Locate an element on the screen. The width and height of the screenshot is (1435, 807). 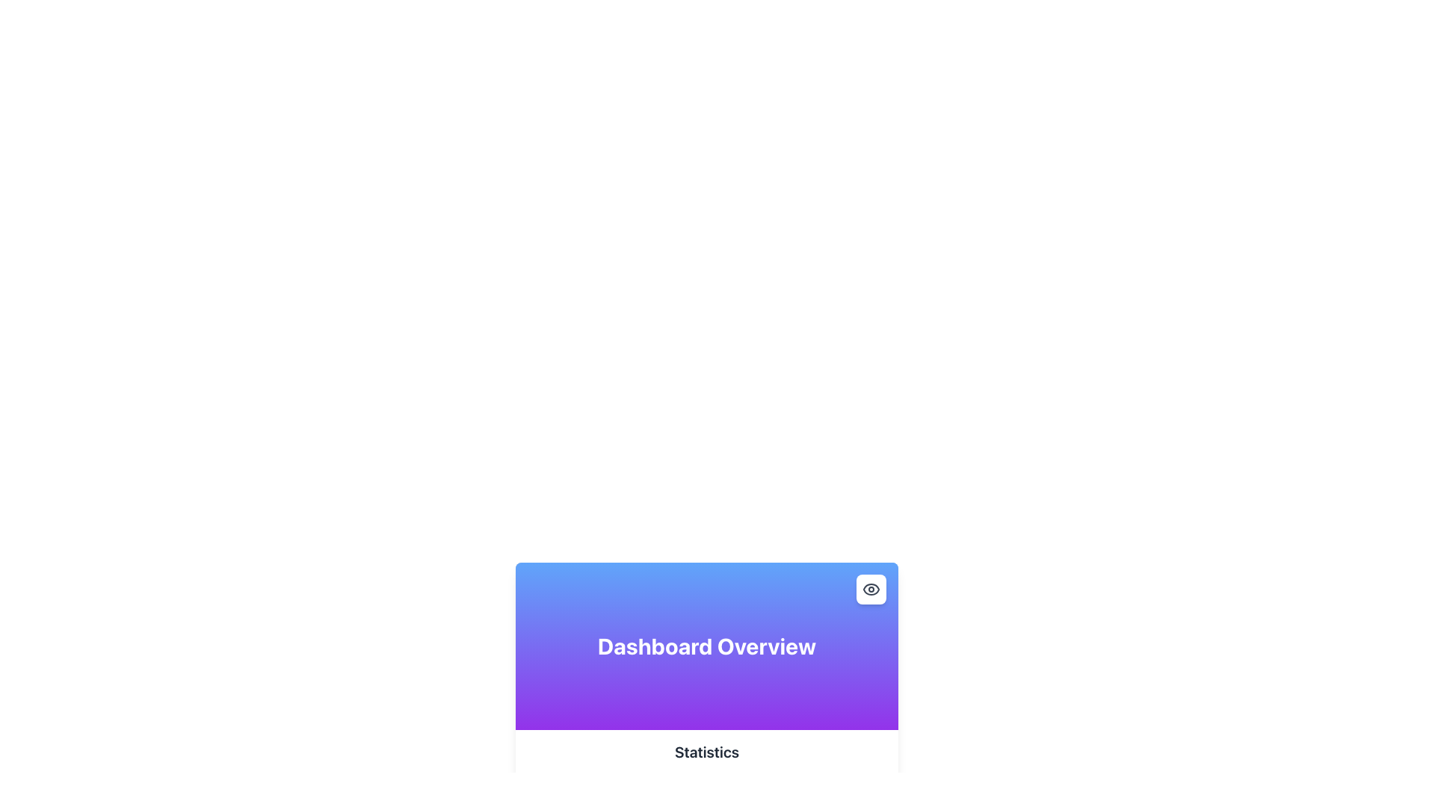
the visibility toggle button located in the top-right corner of the 'Dashboard Overview' card with a gradient blue-to-purple background is located at coordinates (871, 589).